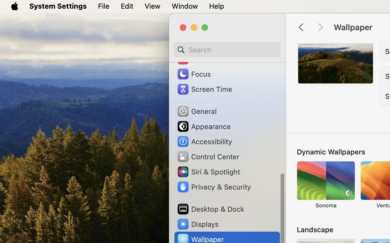 Image resolution: width=390 pixels, height=243 pixels. Describe the element at coordinates (203, 126) in the screenshot. I see `'Appearance'` at that location.